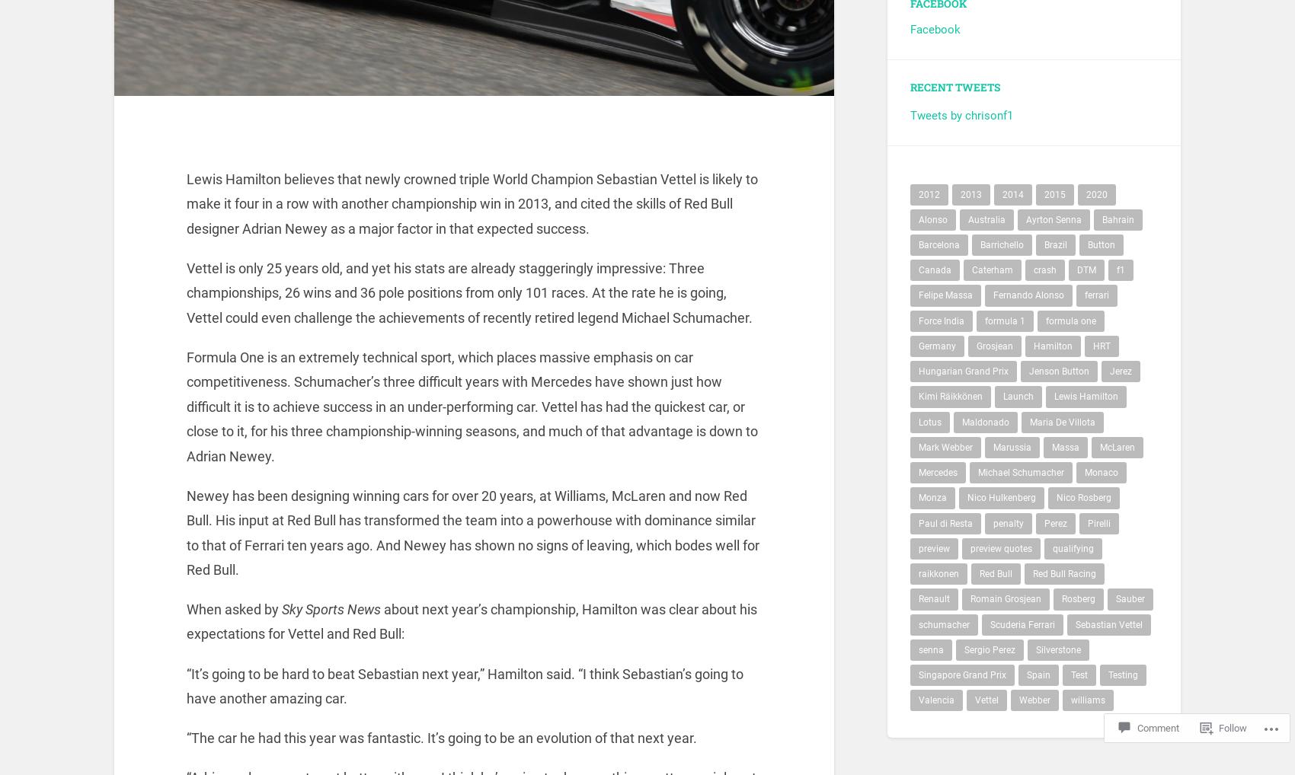 The width and height of the screenshot is (1295, 775). Describe the element at coordinates (185, 302) in the screenshot. I see `'Vettel is only 25 years old, and yet his stats are already staggeringly impressive: Three championships, 26 wins and 36 pole positions from only 101 races. At the rate he is going, Vettel could even challenge the achievements of recently retired legend Michael Schumacher.'` at that location.